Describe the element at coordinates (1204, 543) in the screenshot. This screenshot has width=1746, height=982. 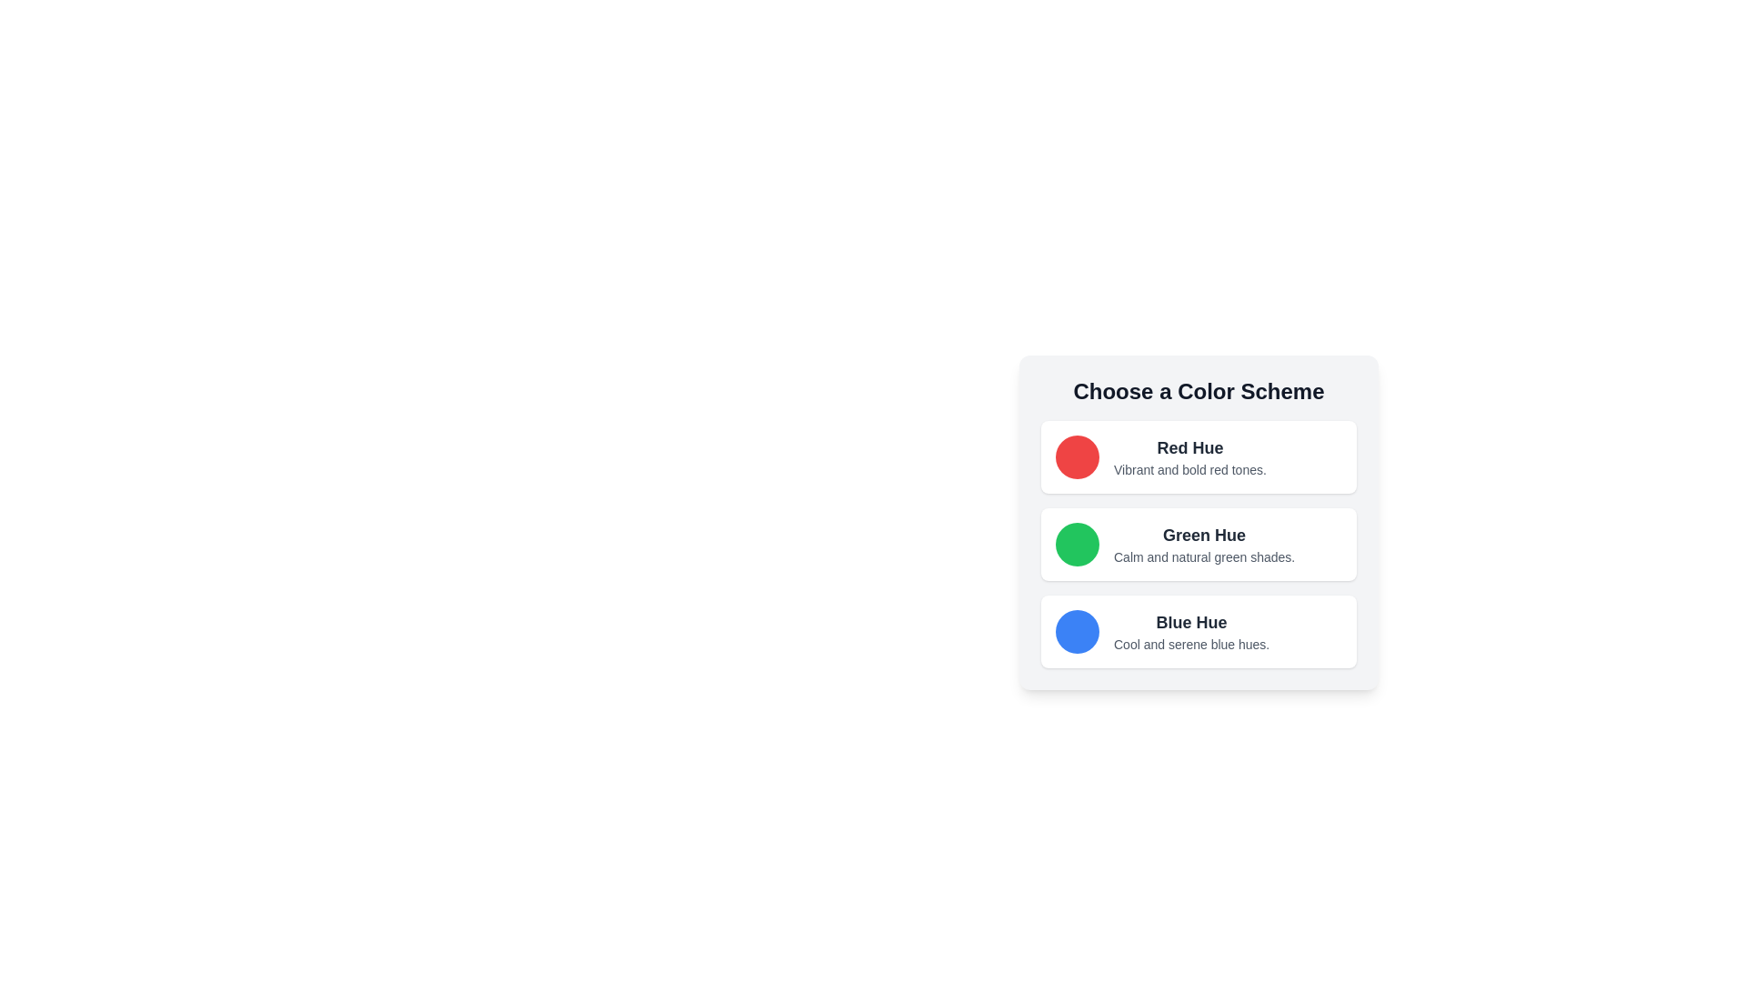
I see `the text label displaying the name and description of the green-themed color scheme option located in the second card under the heading 'Choose a Color Scheme.'` at that location.